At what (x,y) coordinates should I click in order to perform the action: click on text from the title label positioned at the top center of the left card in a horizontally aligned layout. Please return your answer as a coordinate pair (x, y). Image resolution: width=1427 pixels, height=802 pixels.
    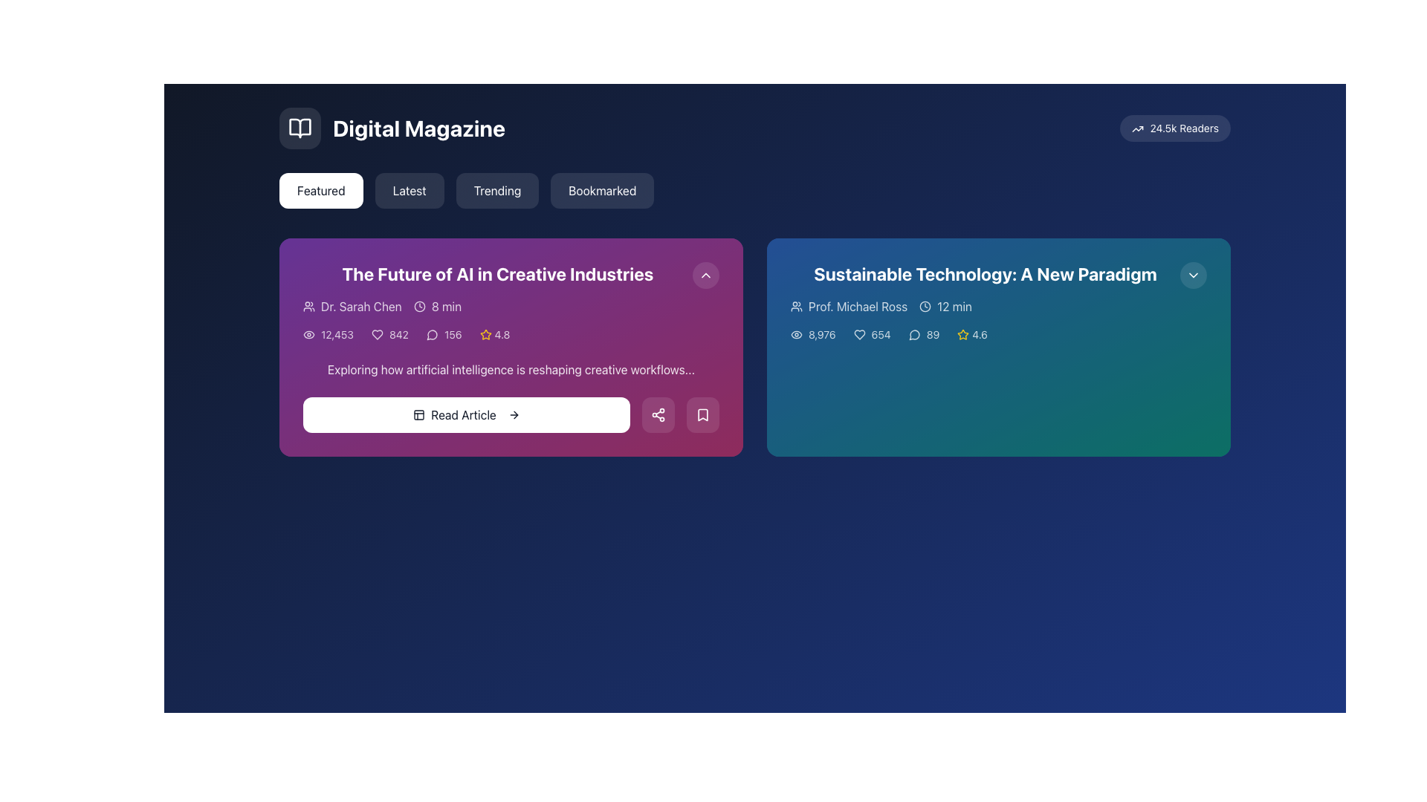
    Looking at the image, I should click on (498, 274).